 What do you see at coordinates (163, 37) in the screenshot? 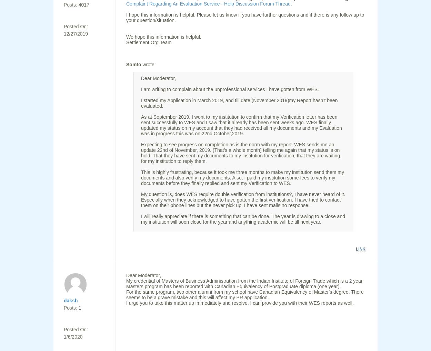
I see `'We hope this information is helpful.'` at bounding box center [163, 37].